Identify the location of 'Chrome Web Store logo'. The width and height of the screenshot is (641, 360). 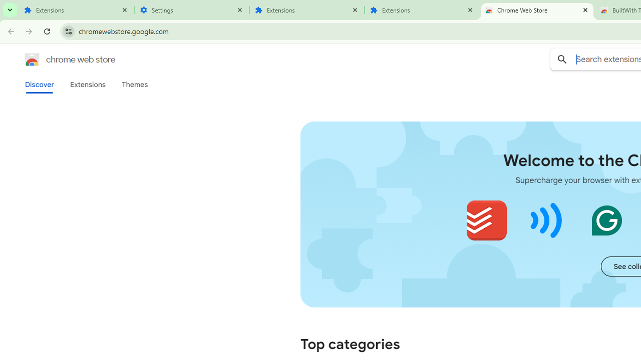
(32, 59).